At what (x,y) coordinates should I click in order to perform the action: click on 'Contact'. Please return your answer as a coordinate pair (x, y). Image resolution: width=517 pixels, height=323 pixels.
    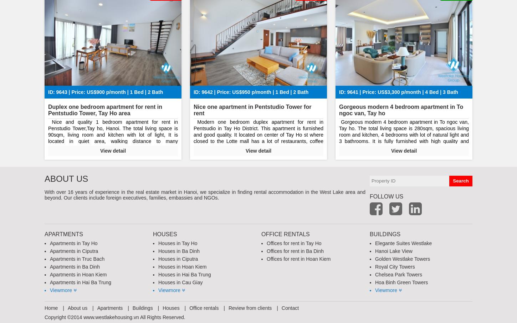
    Looking at the image, I should click on (290, 307).